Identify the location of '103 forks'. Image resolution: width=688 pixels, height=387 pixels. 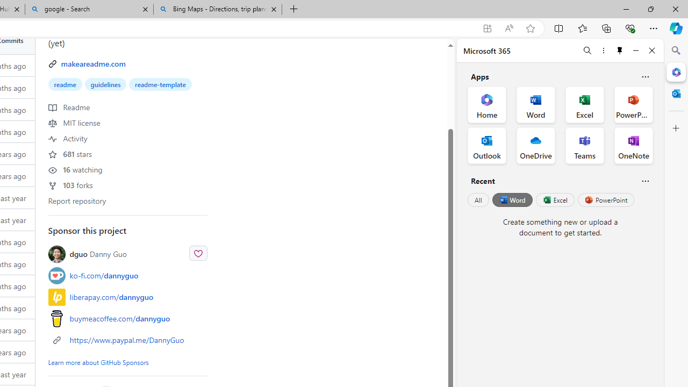
(70, 184).